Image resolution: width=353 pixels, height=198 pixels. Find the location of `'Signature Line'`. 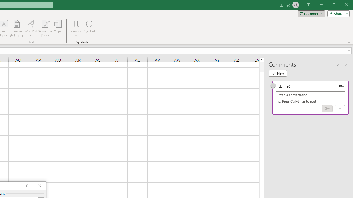

'Signature Line' is located at coordinates (45, 23).